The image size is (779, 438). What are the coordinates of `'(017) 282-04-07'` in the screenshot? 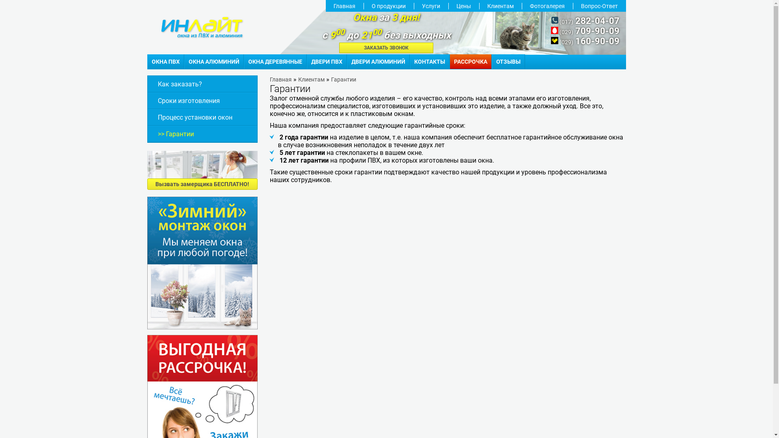 It's located at (585, 21).